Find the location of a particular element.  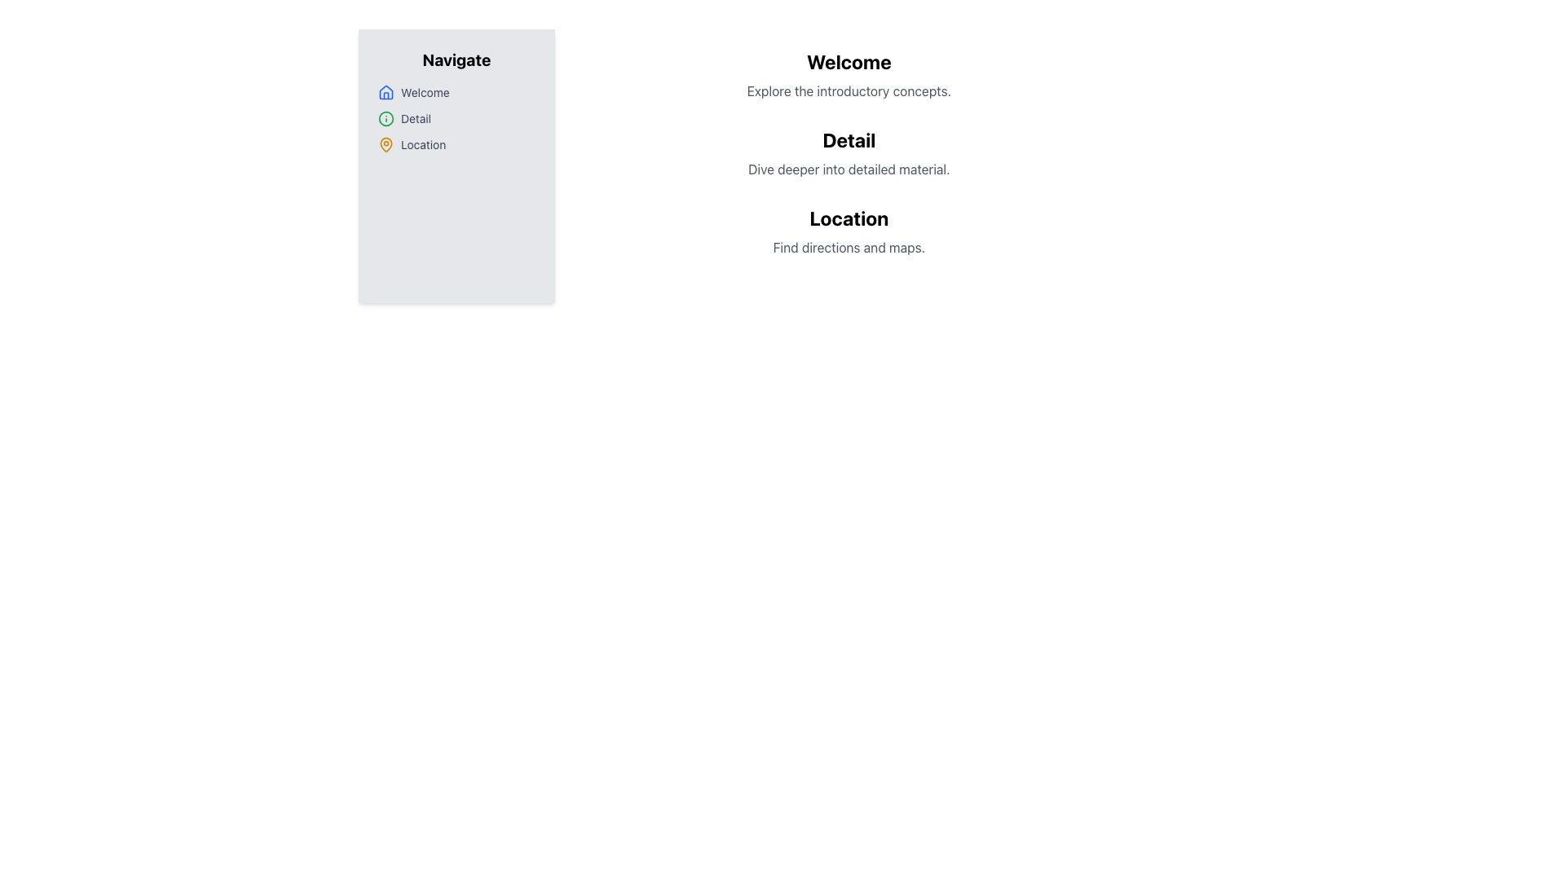

the blue house-shaped SVG icon located to the left of the 'Welcome' text in the vertical navigation menu is located at coordinates (386, 91).